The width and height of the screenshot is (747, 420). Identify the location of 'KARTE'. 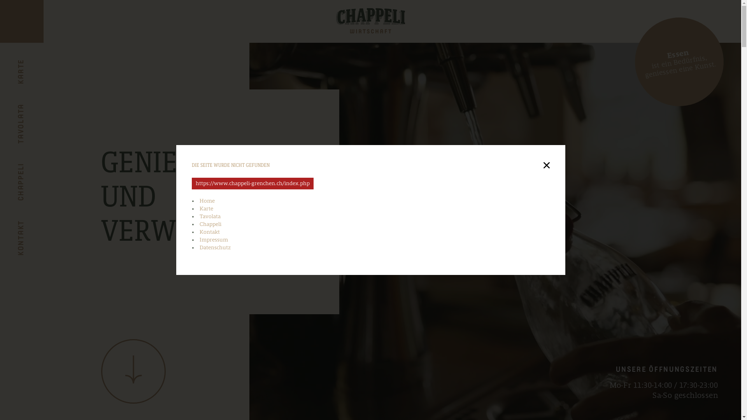
(28, 65).